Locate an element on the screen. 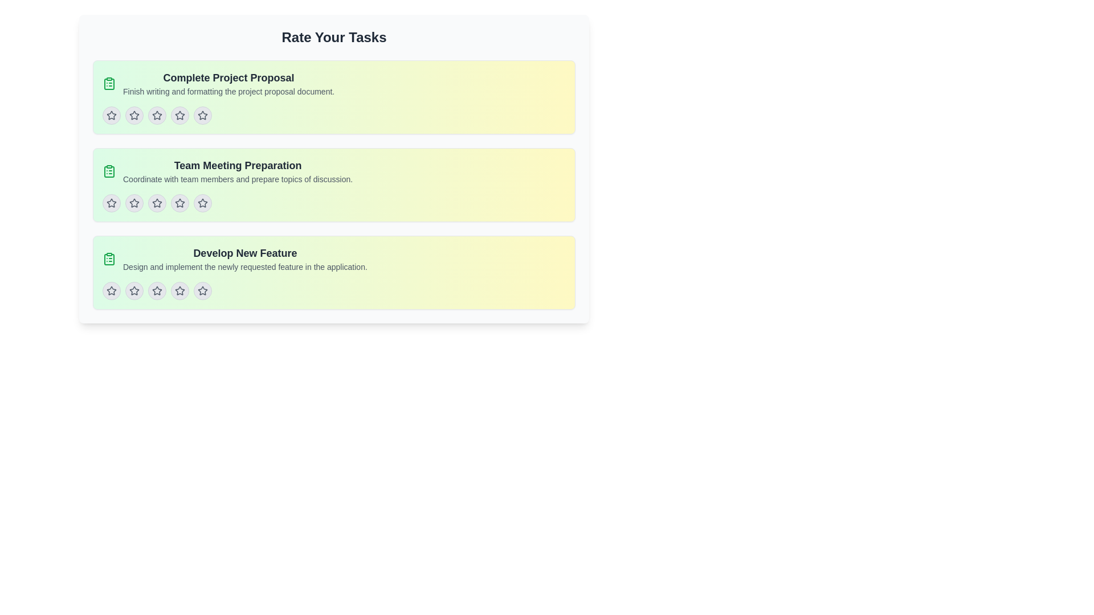 Image resolution: width=1094 pixels, height=615 pixels. the fourth star icon for the 'Team Meeting Preparation' task is located at coordinates (179, 202).